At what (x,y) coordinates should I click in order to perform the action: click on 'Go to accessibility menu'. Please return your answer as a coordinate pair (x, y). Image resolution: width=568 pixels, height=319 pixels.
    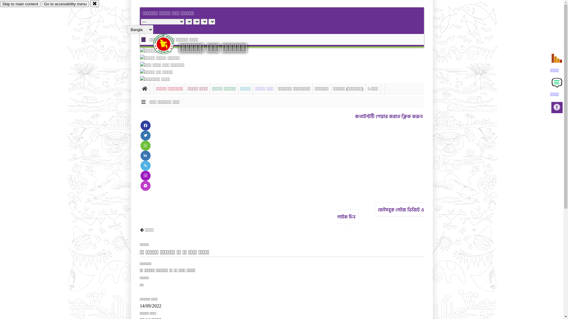
    Looking at the image, I should click on (65, 4).